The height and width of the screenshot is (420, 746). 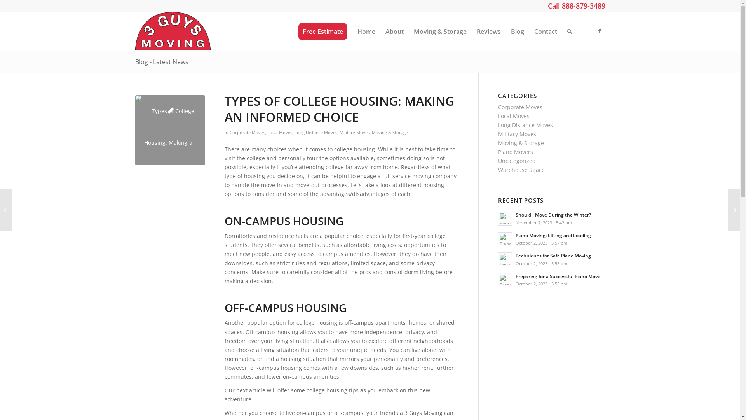 I want to click on 'Piano Moving: Lifting and Loading', so click(x=553, y=235).